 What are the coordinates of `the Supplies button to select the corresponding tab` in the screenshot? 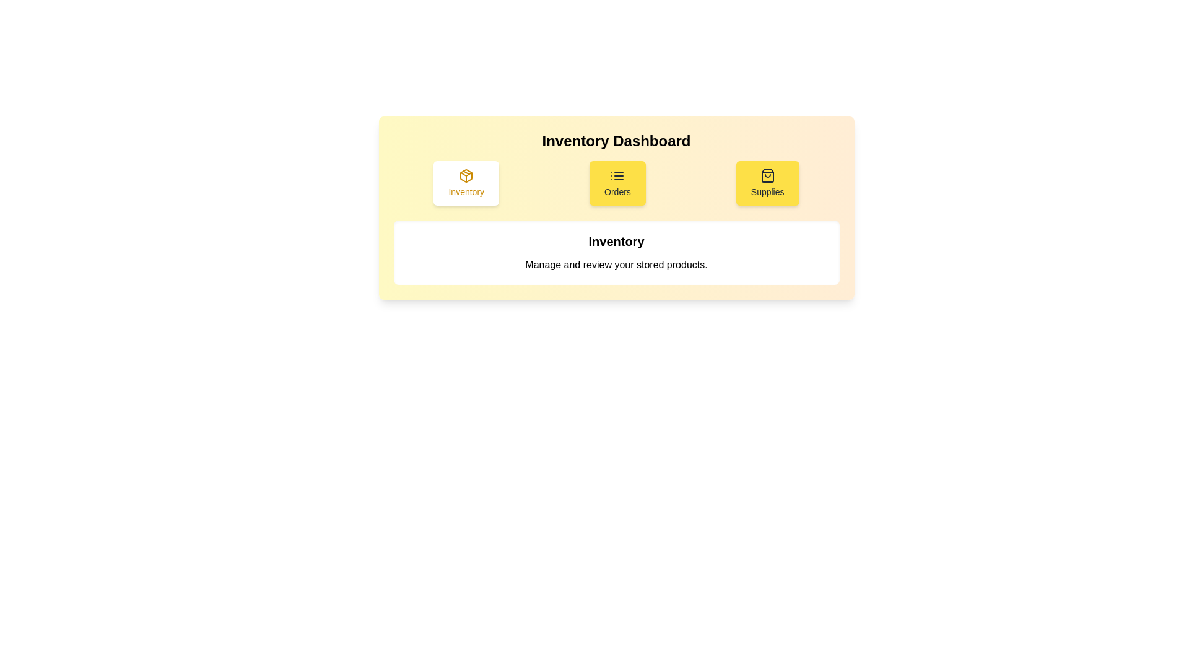 It's located at (767, 183).